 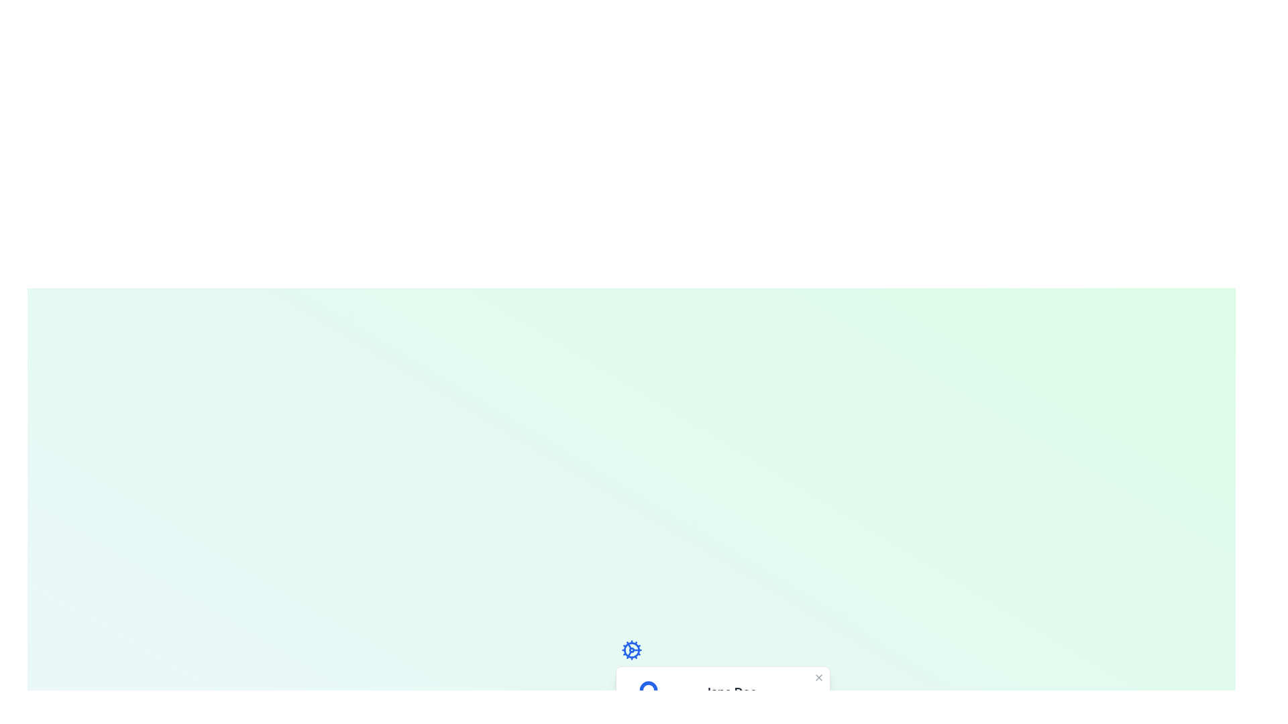 I want to click on the diagonal line within the cogwheel icon, which represents the configuration or settings symbol, so click(x=628, y=645).